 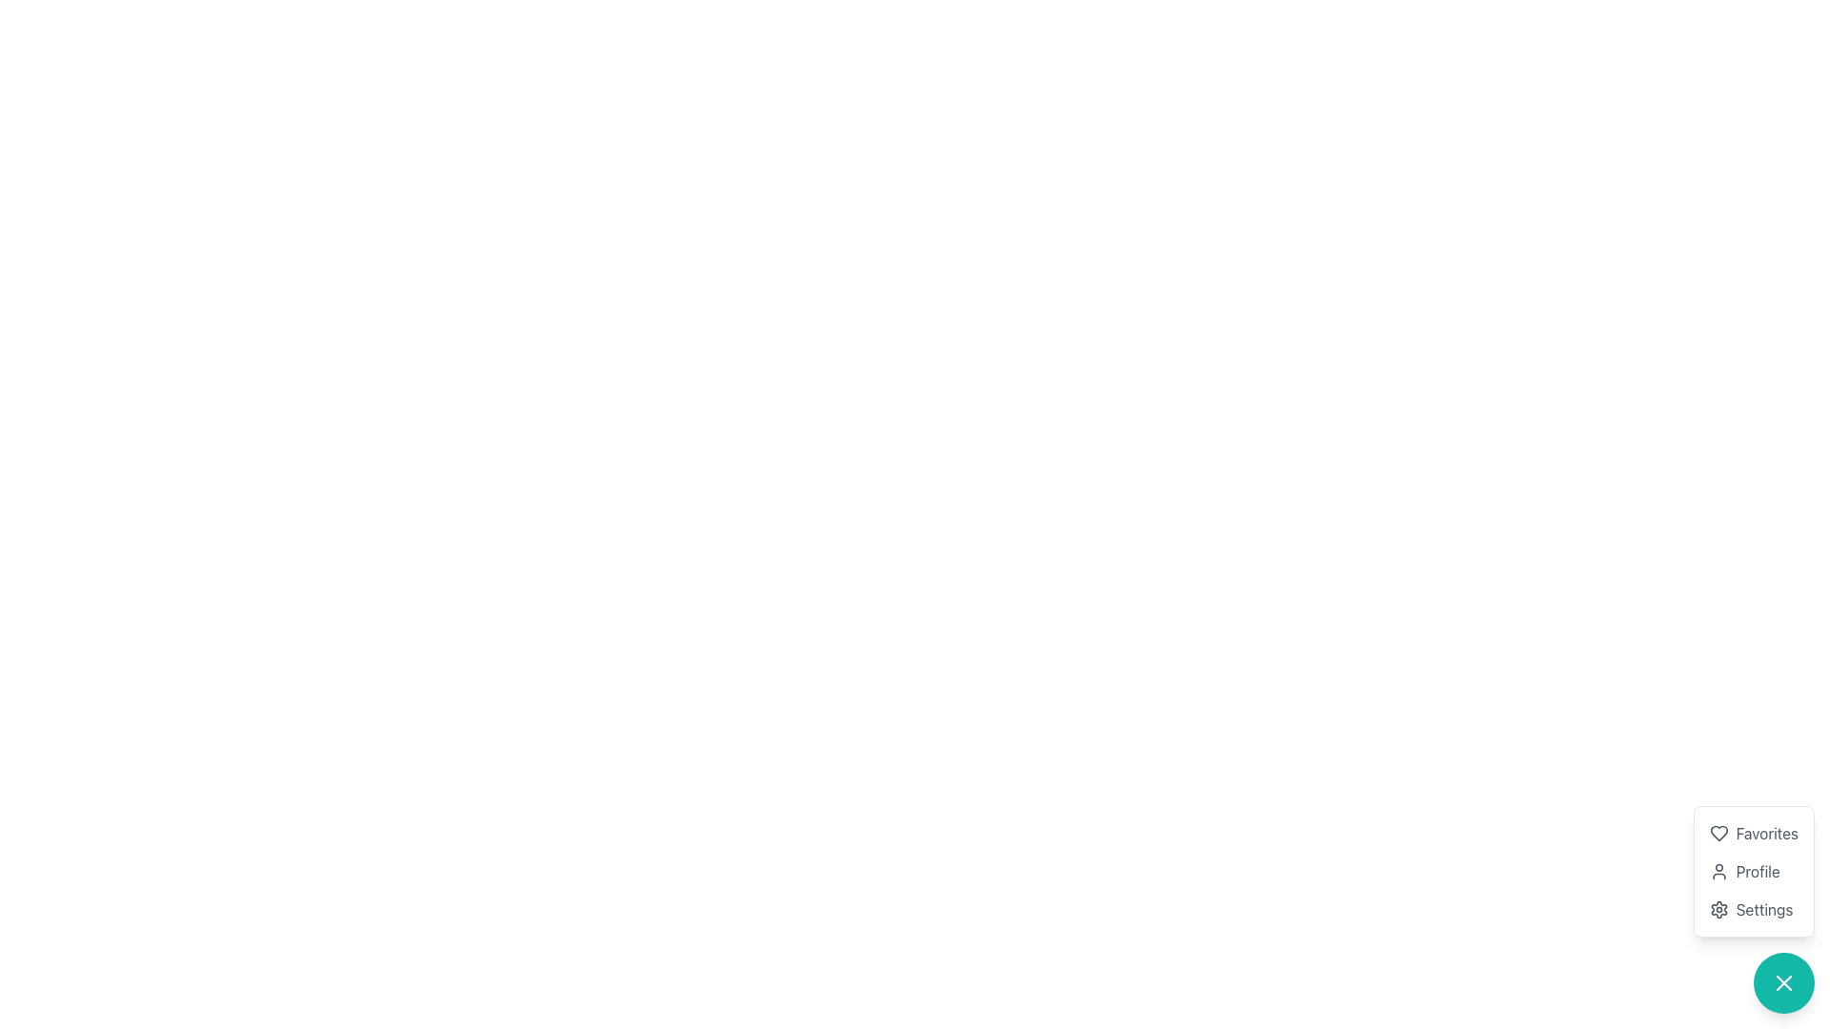 What do you see at coordinates (1718, 909) in the screenshot?
I see `the settings icon located at the top-left of the 'Settings' option in the menu items at the bottom-right of the interface` at bounding box center [1718, 909].